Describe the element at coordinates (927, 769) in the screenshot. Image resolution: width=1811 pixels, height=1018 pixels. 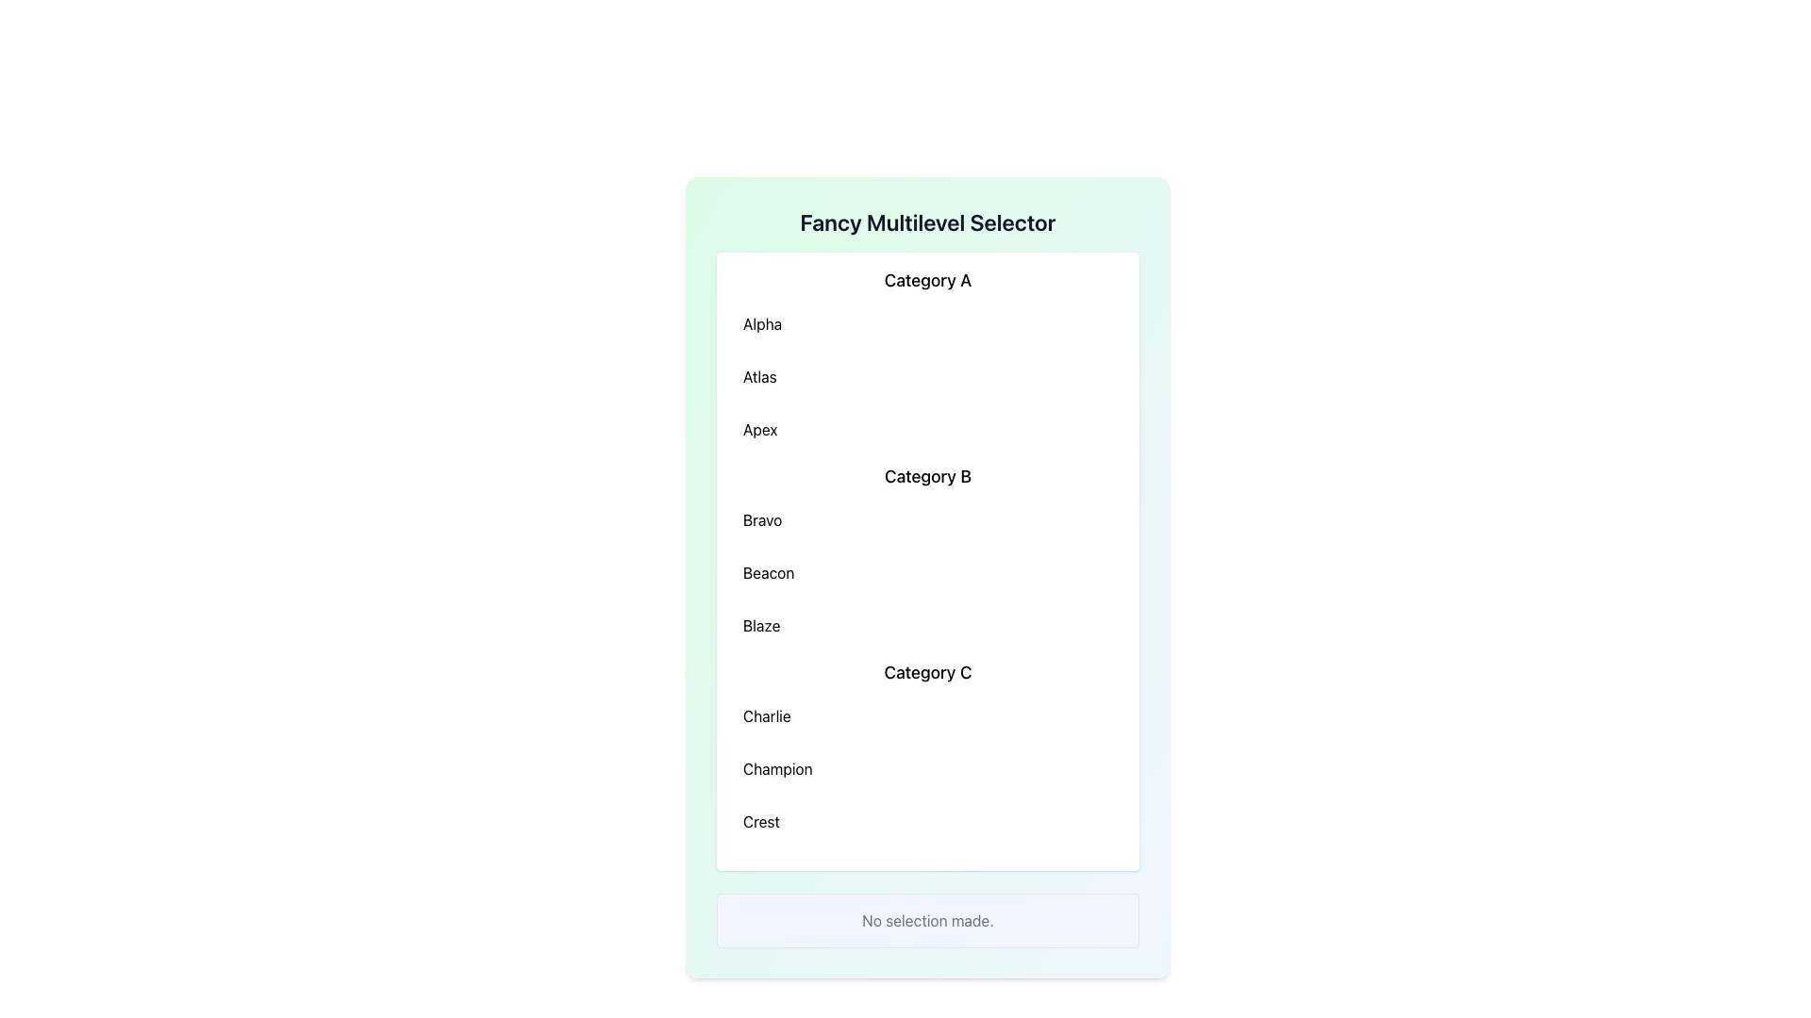
I see `the selectable item labeled 'Champion', which is the second option under the 'Category C' section, located between 'Charlie' and 'Crest'` at that location.